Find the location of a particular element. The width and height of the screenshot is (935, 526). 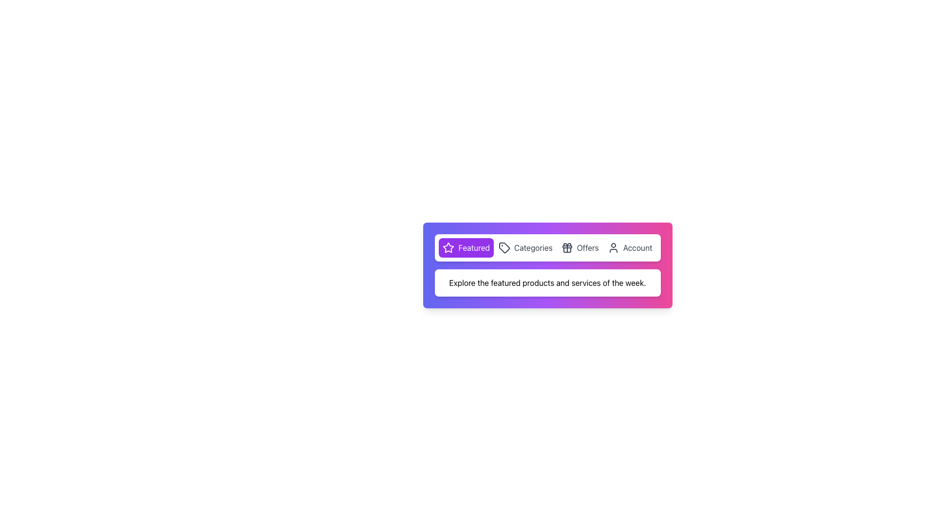

the 'Categories' text label for reordering within the navigation bar is located at coordinates (533, 247).